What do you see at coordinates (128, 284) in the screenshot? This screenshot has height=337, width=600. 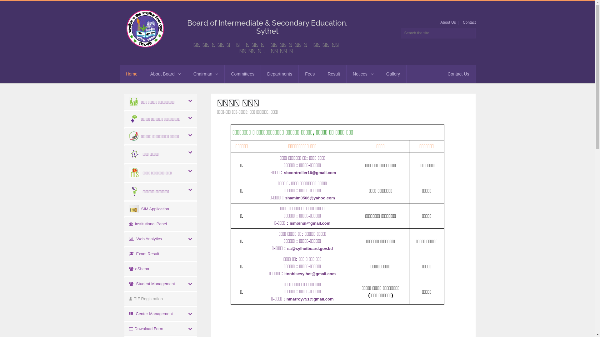 I see `'   Student Management'` at bounding box center [128, 284].